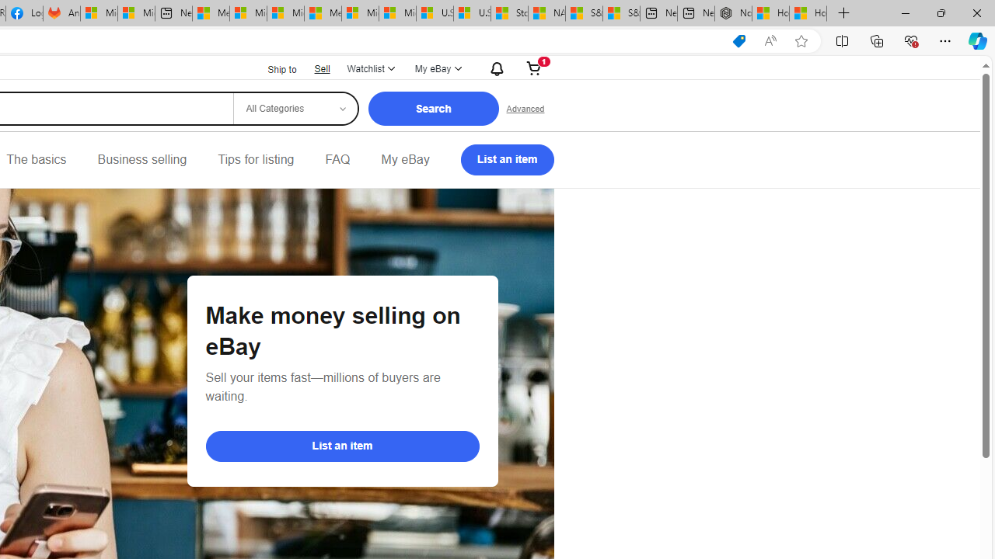 This screenshot has height=559, width=995. Describe the element at coordinates (525, 108) in the screenshot. I see `'Advanced Search'` at that location.